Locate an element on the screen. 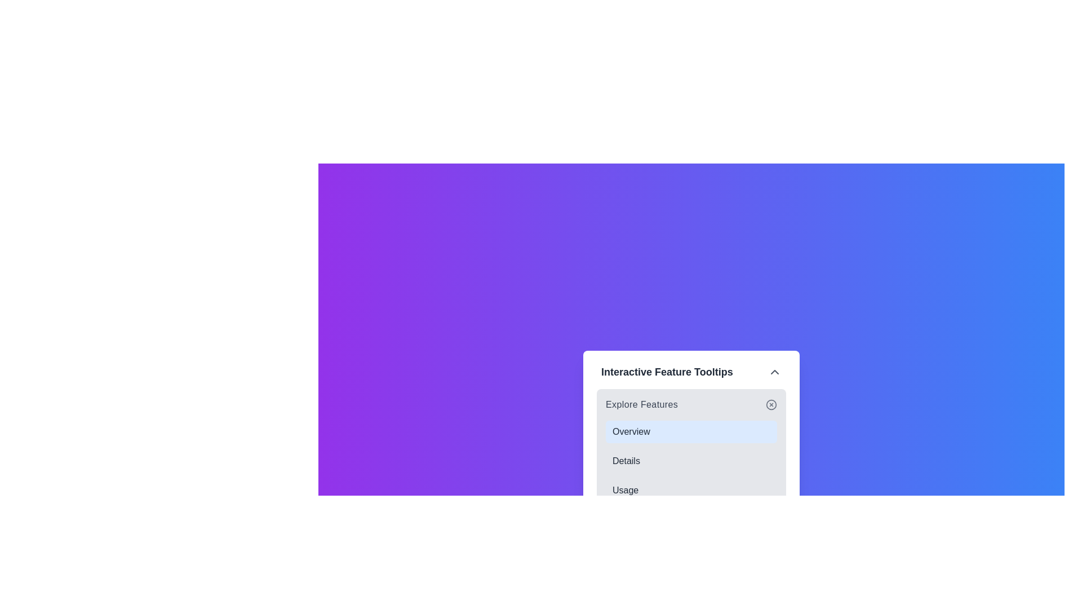 This screenshot has width=1082, height=609. the SVG Circle that is part of the close or cancel icon located on the right side of the top header panel of a dropdown interface is located at coordinates (770, 404).